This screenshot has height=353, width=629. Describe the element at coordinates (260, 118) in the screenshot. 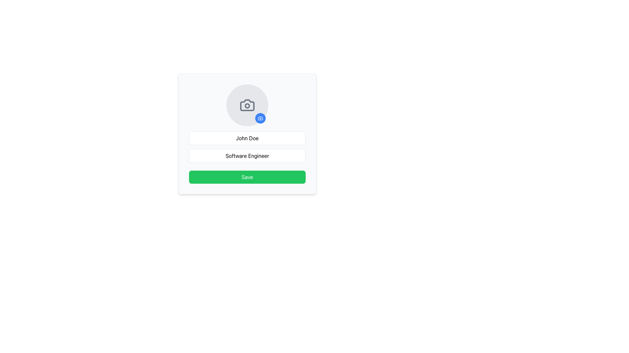

I see `the simplified camera icon located at the center of the rounded button in the lower right corner of the profile picture for navigation` at that location.